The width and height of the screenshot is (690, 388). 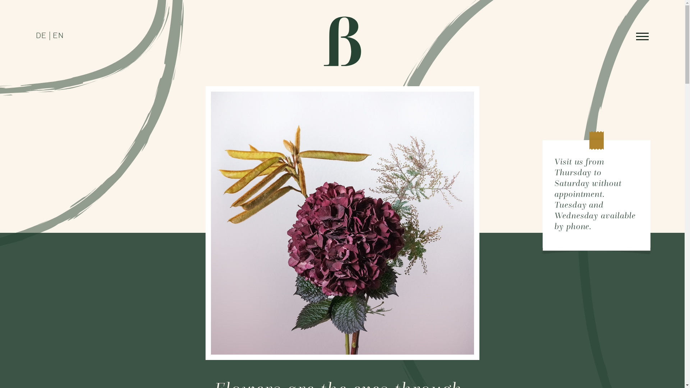 I want to click on 'EN', so click(x=58, y=36).